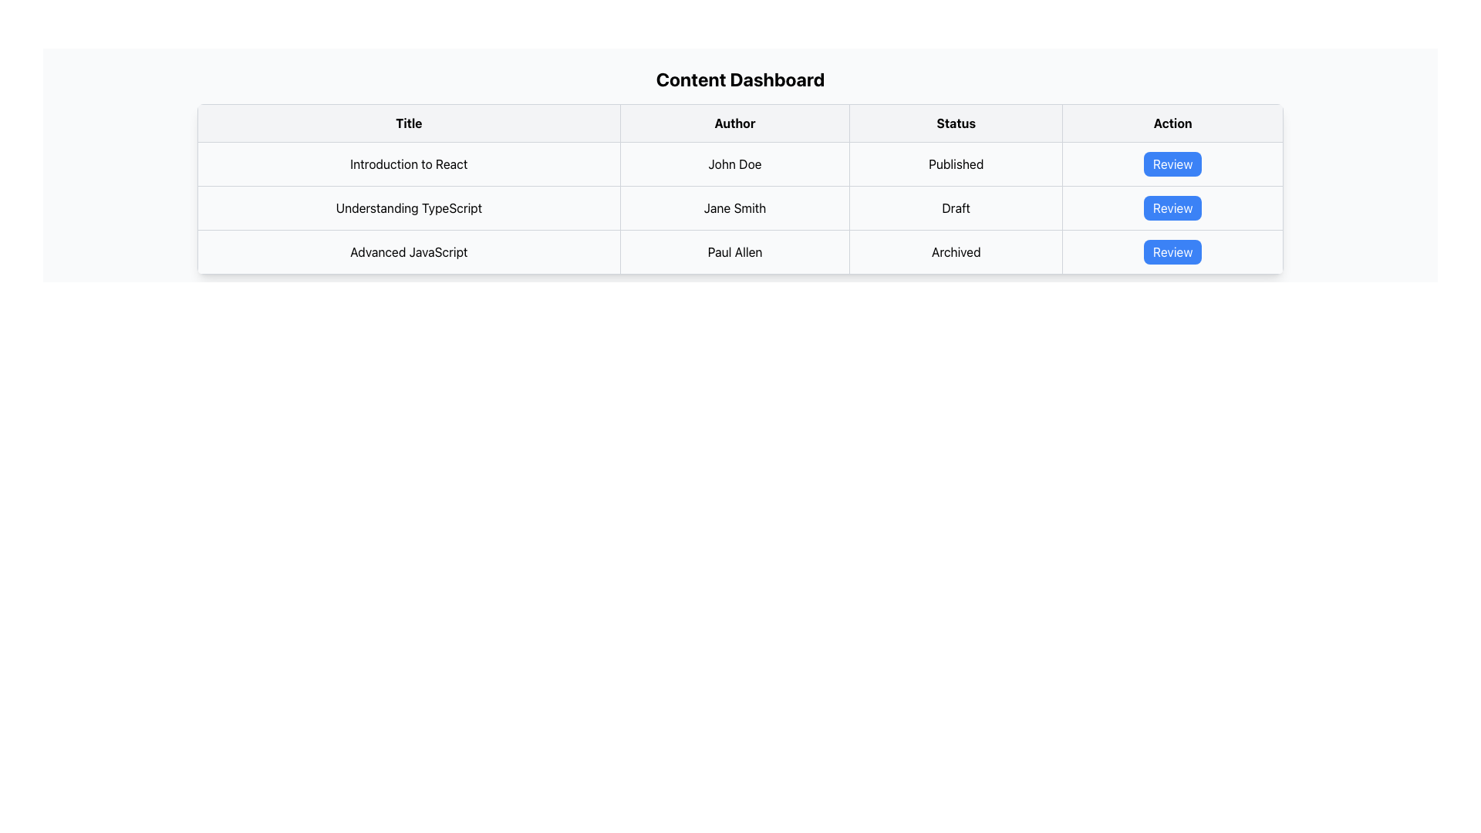  What do you see at coordinates (409, 164) in the screenshot?
I see `text 'Introduction to React' from the table cell displaying it in the first column of the first row` at bounding box center [409, 164].